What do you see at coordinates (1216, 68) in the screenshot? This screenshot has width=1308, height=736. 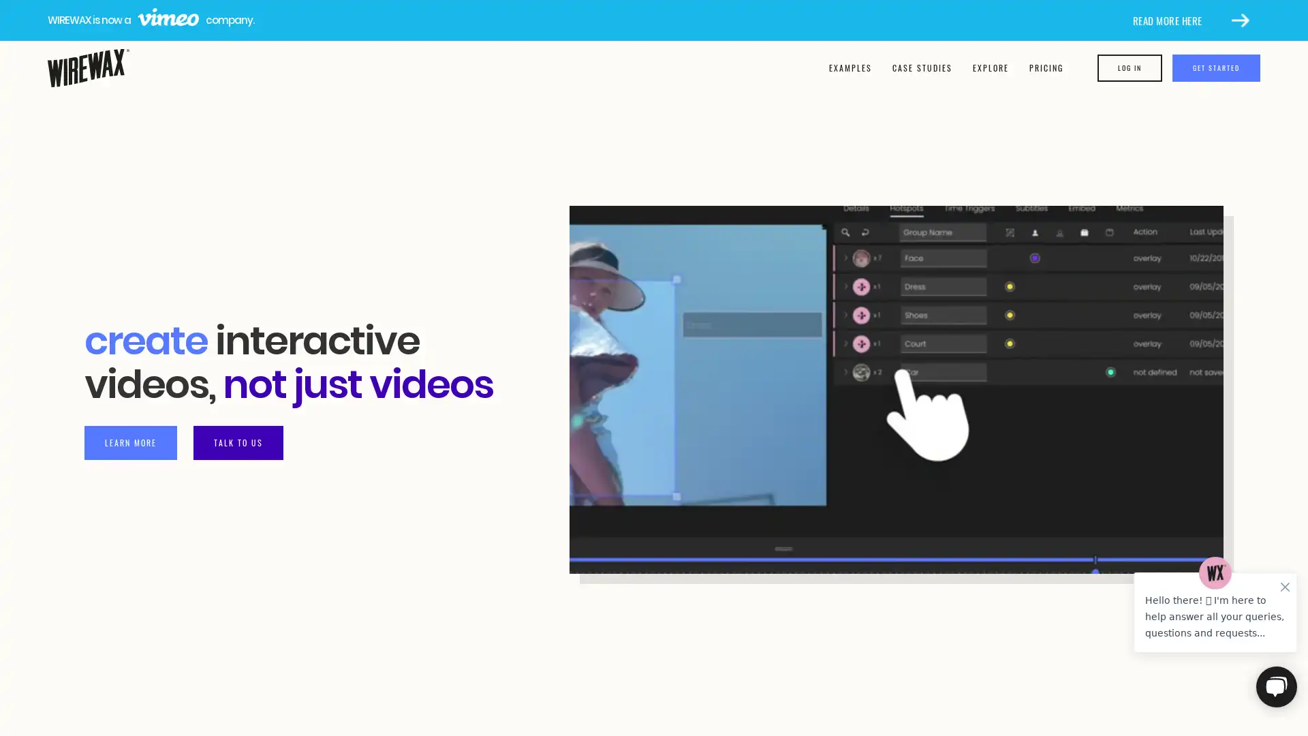 I see `GET STARTED` at bounding box center [1216, 68].